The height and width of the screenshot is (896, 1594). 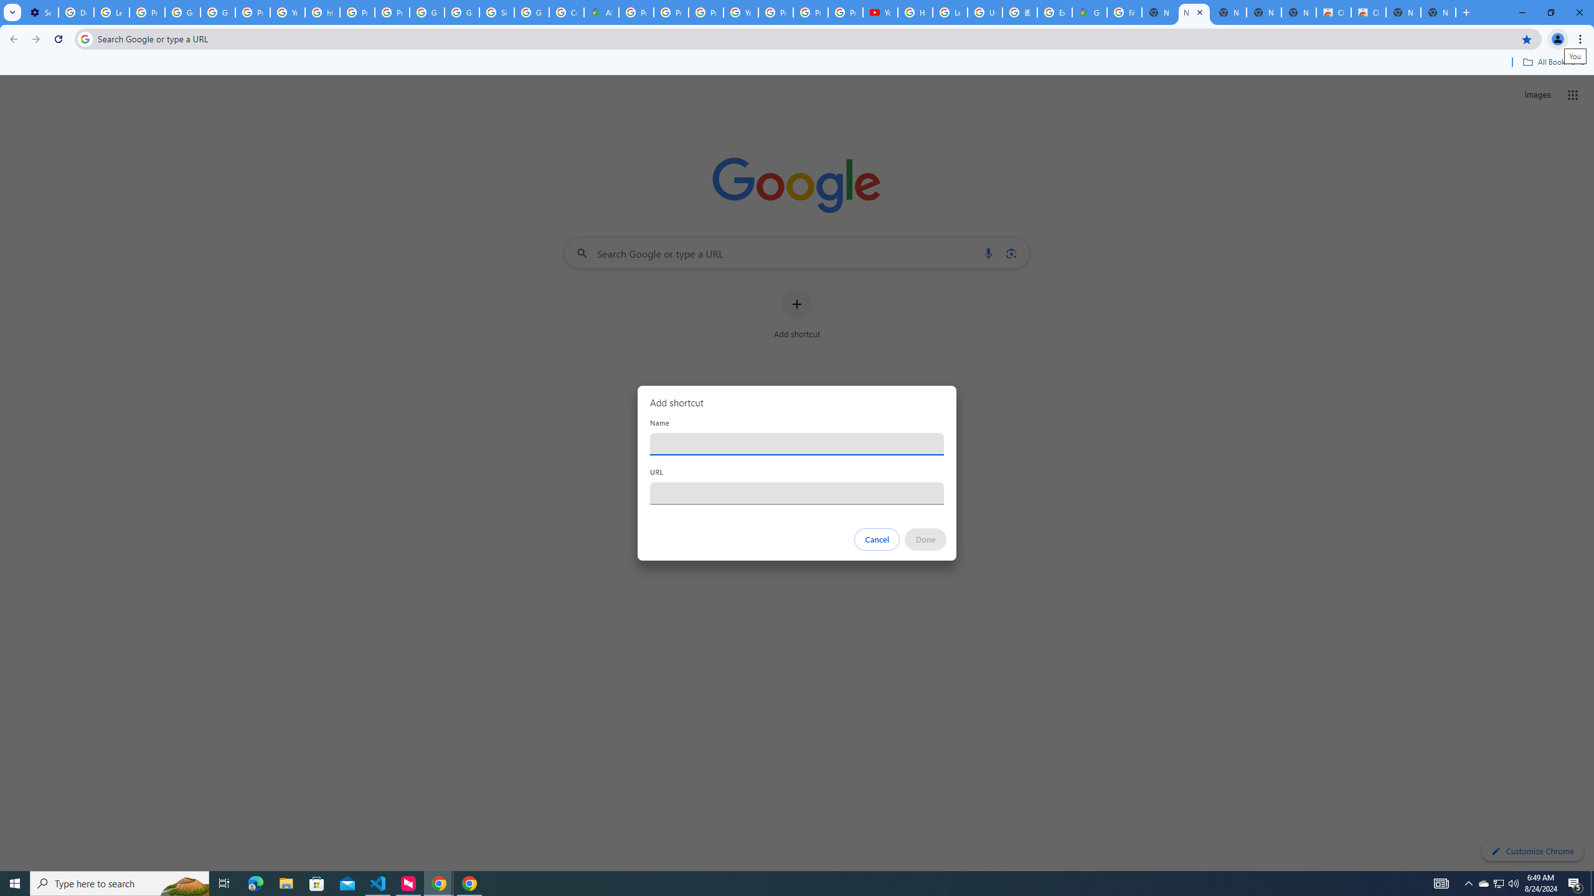 I want to click on 'Privacy Help Center - Policies Help', so click(x=672, y=12).